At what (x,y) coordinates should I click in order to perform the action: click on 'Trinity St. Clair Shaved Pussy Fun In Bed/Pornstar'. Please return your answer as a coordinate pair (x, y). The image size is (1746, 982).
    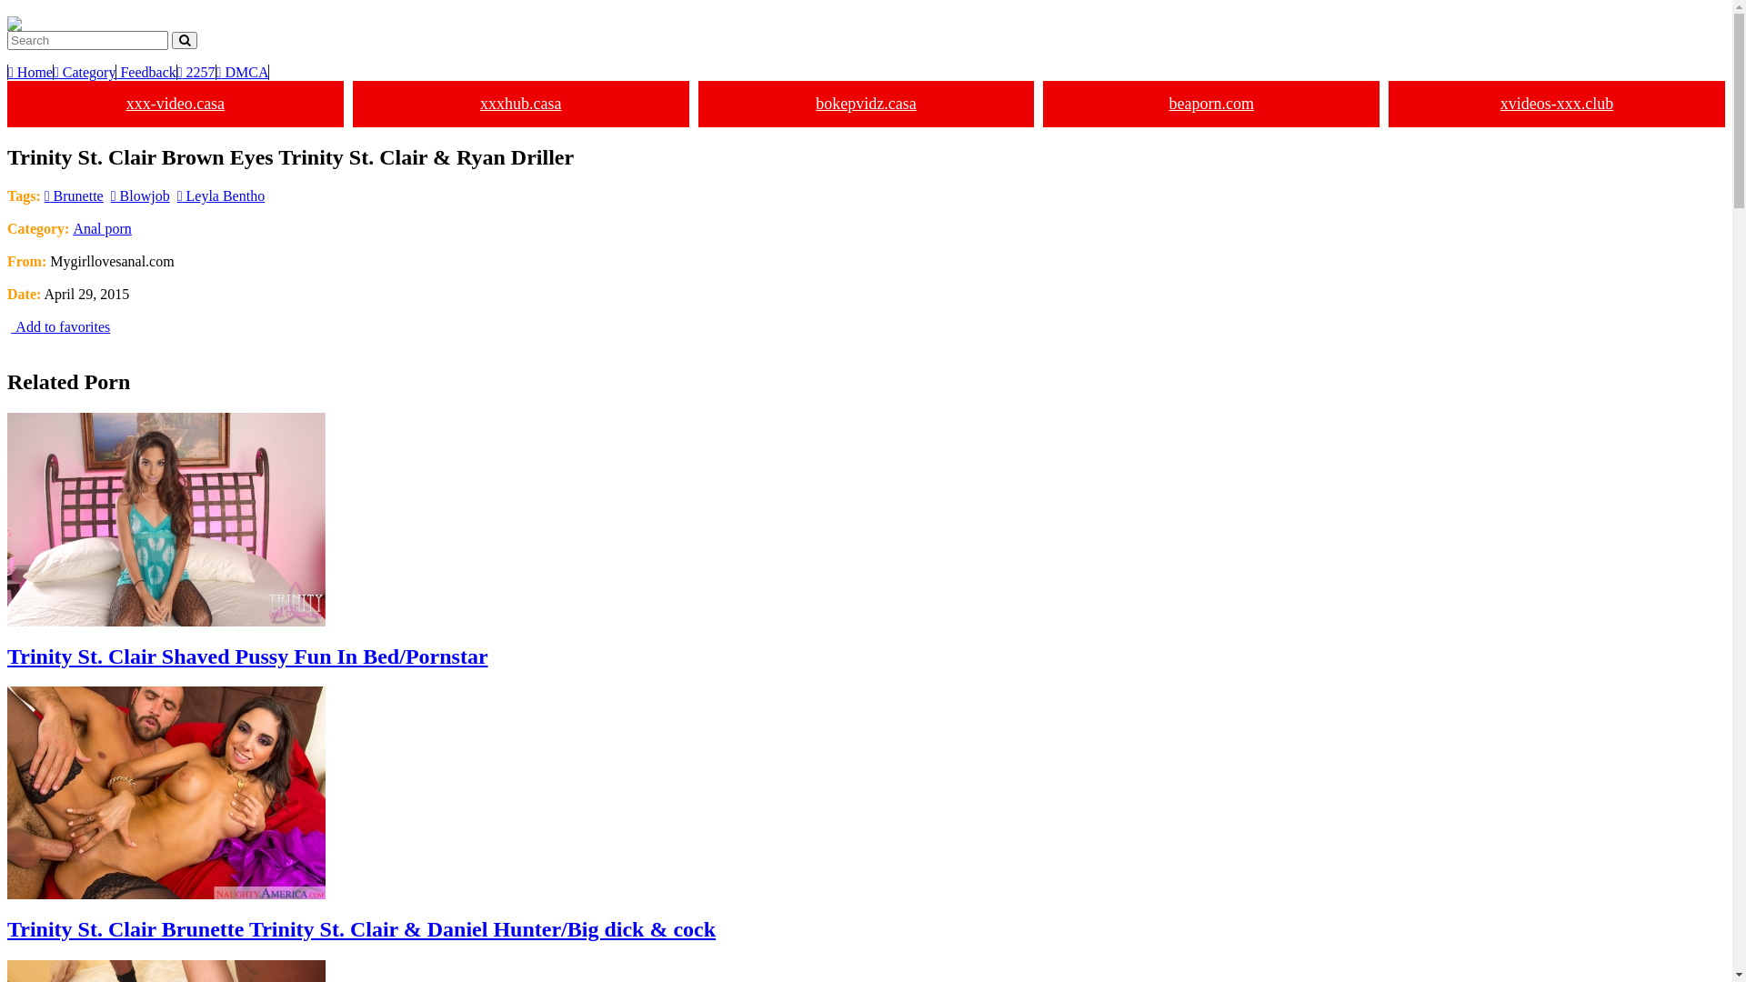
    Looking at the image, I should click on (865, 539).